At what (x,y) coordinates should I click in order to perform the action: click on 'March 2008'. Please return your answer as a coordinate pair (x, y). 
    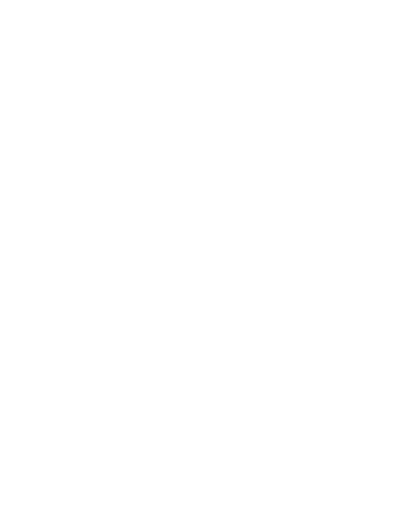
    Looking at the image, I should click on (43, 467).